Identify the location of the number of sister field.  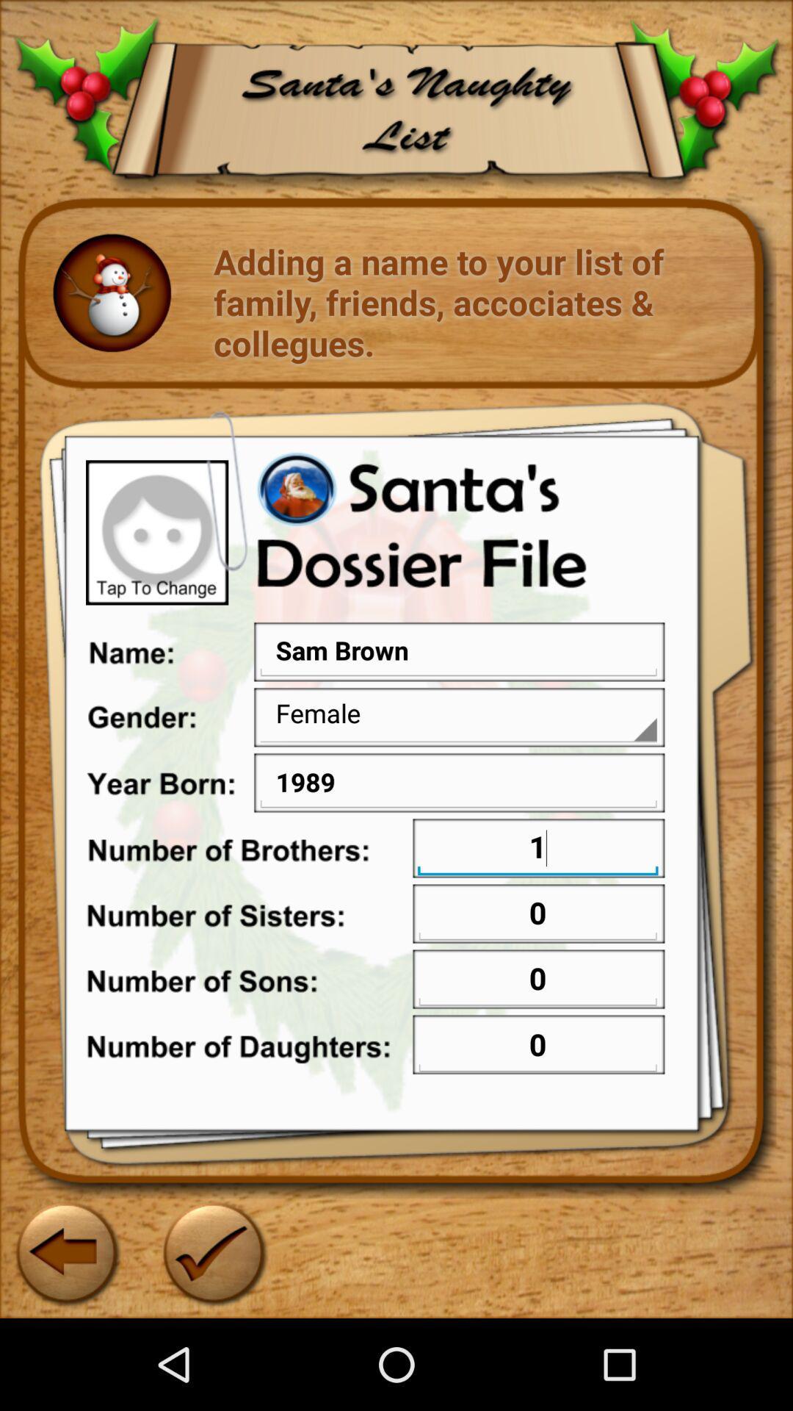
(537, 914).